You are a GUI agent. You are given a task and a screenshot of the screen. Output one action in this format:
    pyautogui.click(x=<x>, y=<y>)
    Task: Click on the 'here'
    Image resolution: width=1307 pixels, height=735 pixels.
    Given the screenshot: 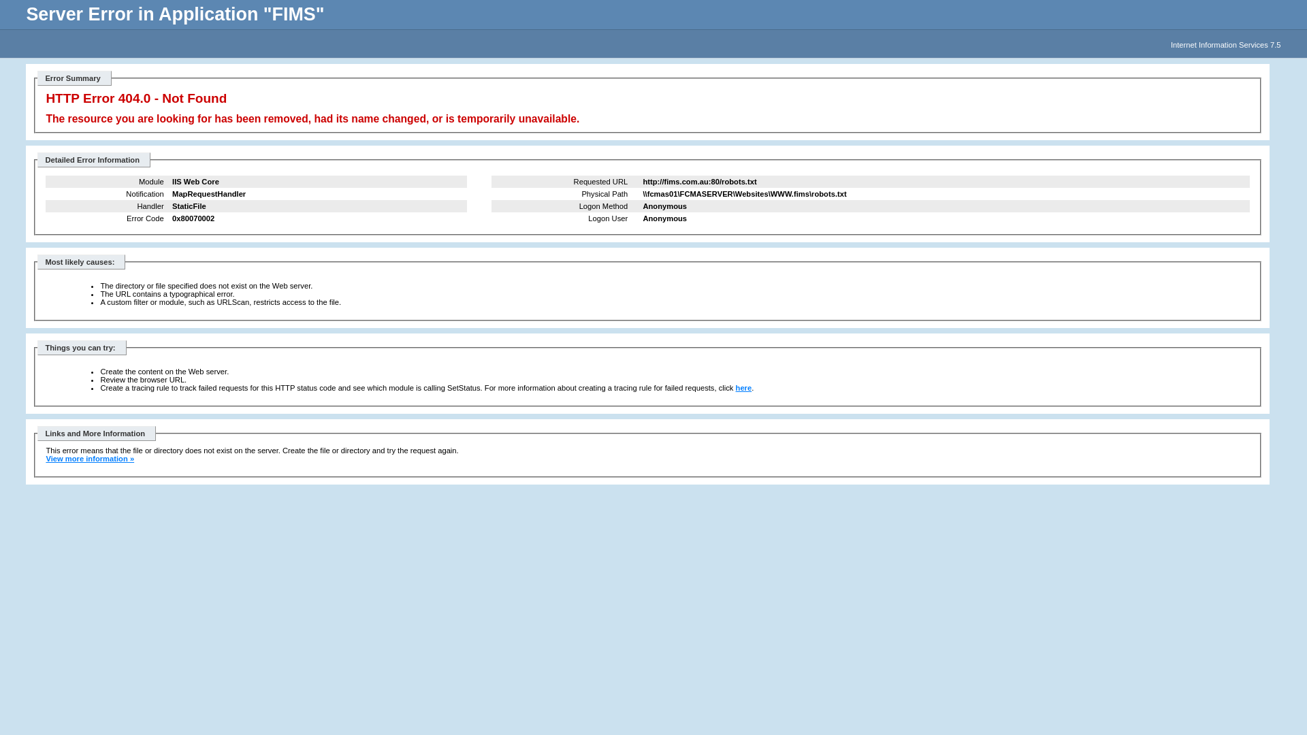 What is the action you would take?
    pyautogui.click(x=743, y=388)
    